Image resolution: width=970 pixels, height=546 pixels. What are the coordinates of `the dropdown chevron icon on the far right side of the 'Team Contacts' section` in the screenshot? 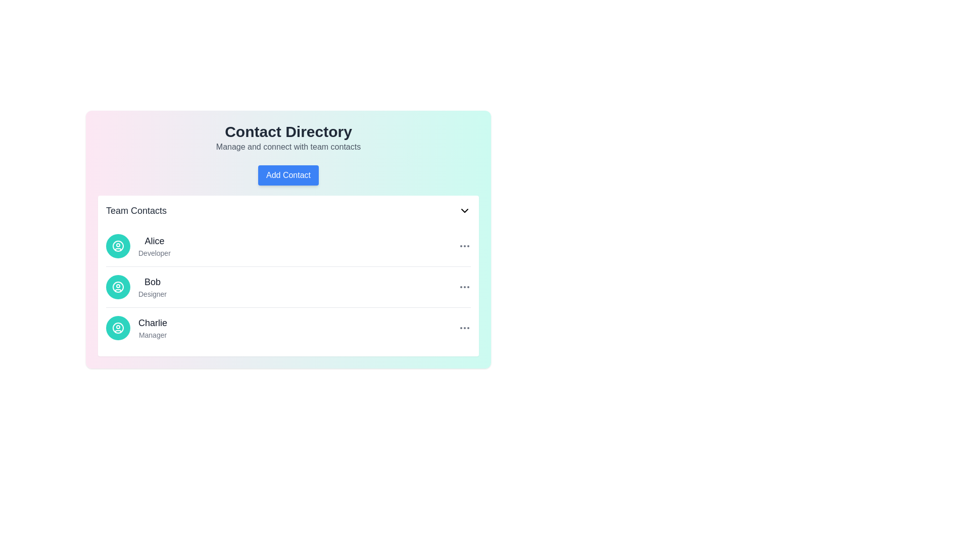 It's located at (464, 210).